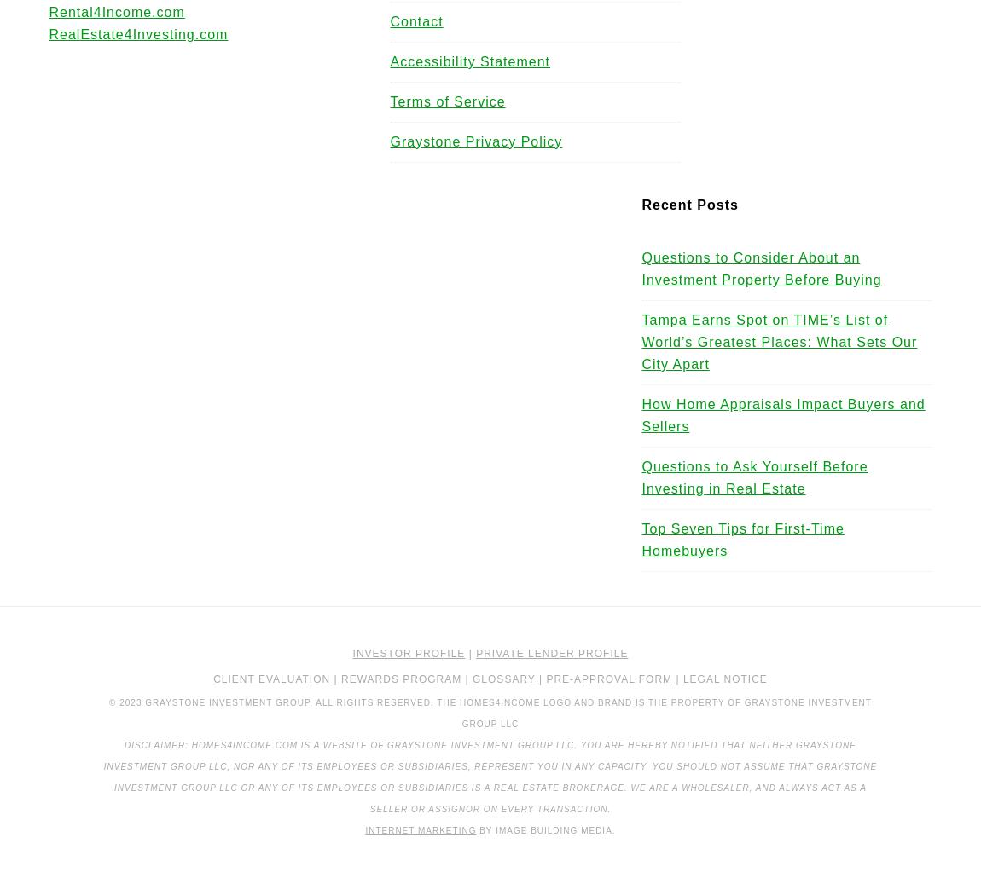 The width and height of the screenshot is (981, 872). Describe the element at coordinates (408, 653) in the screenshot. I see `'Investor Profile'` at that location.